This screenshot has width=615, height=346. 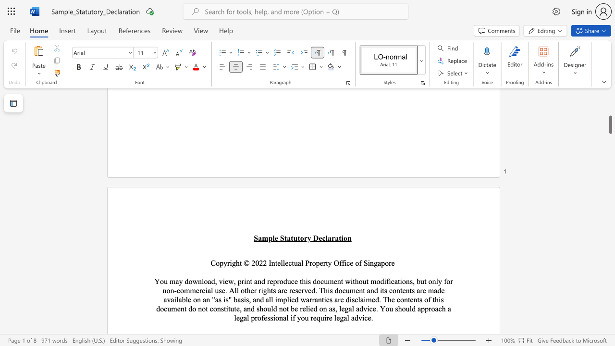 What do you see at coordinates (610, 144) in the screenshot?
I see `the scrollbar to scroll the page up` at bounding box center [610, 144].